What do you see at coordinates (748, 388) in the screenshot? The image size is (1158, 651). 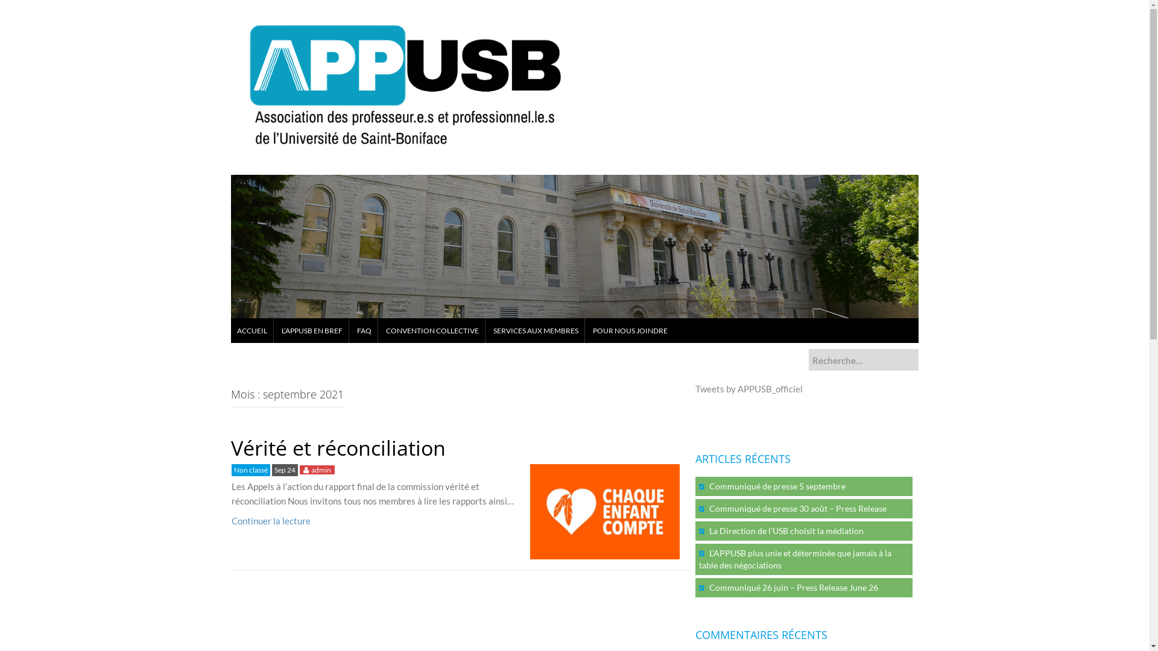 I see `'Tweets by APPUSB_officiel'` at bounding box center [748, 388].